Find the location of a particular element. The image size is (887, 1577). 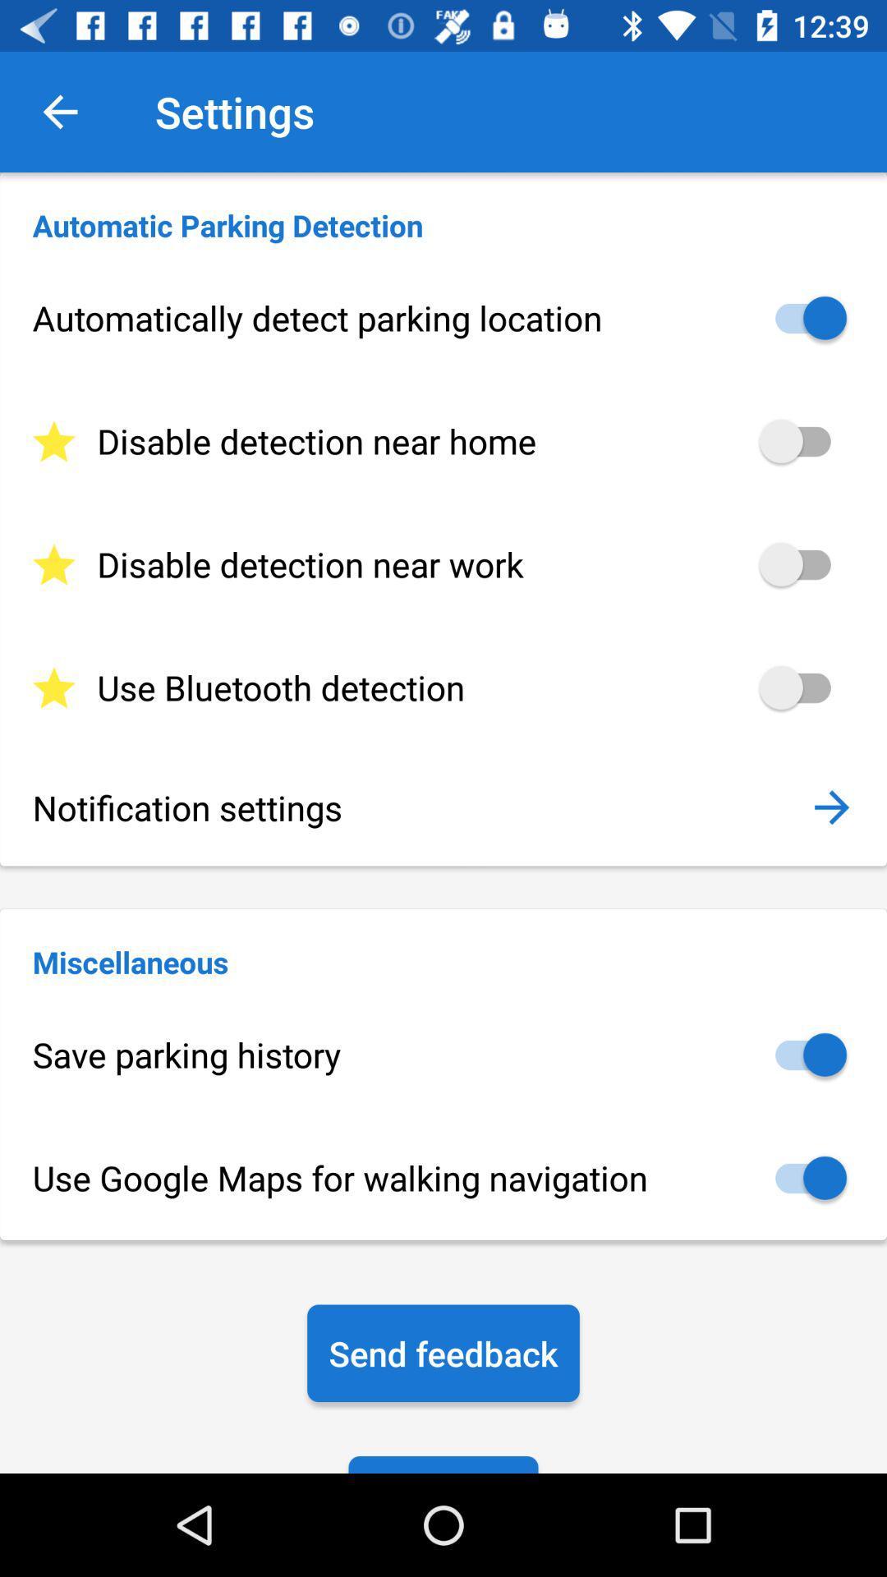

the icon below the use google maps is located at coordinates (443, 1353).